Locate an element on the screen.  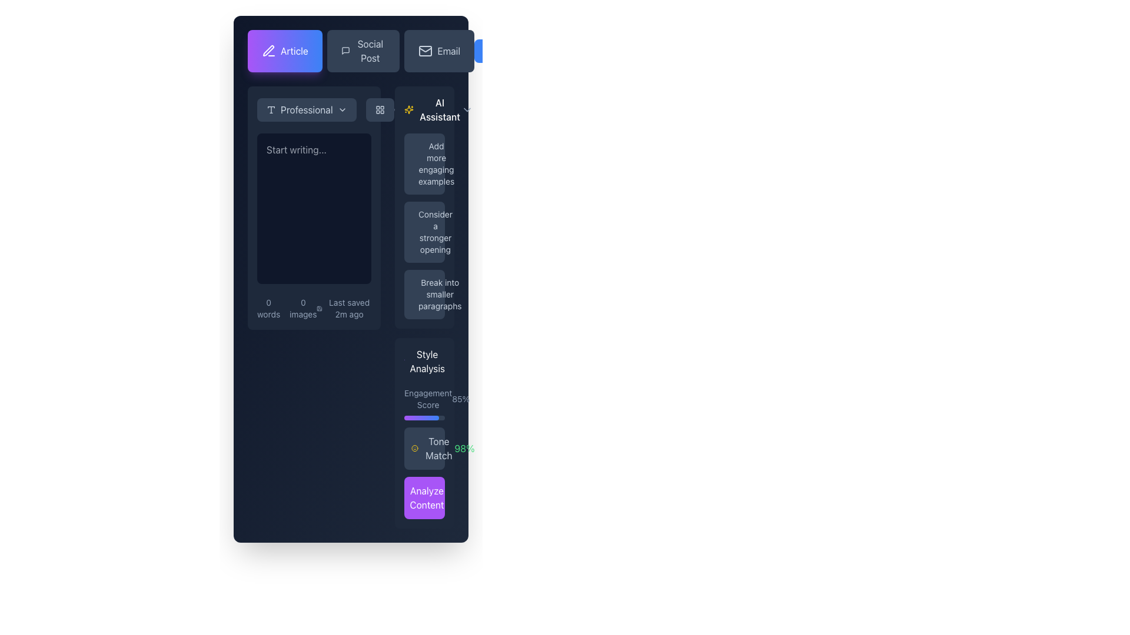
the toggle button located at the rightmost edge under the 'AI Assistant' section for visual feedback is located at coordinates (466, 109).